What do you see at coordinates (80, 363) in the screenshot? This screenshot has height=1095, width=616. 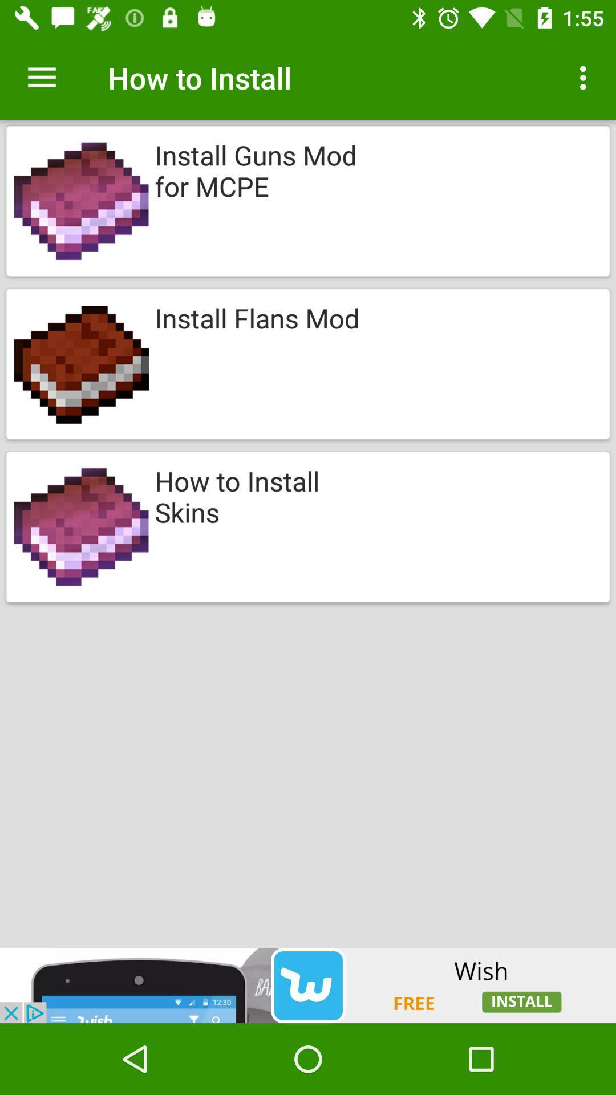 I see `tap on the second image below to how to install` at bounding box center [80, 363].